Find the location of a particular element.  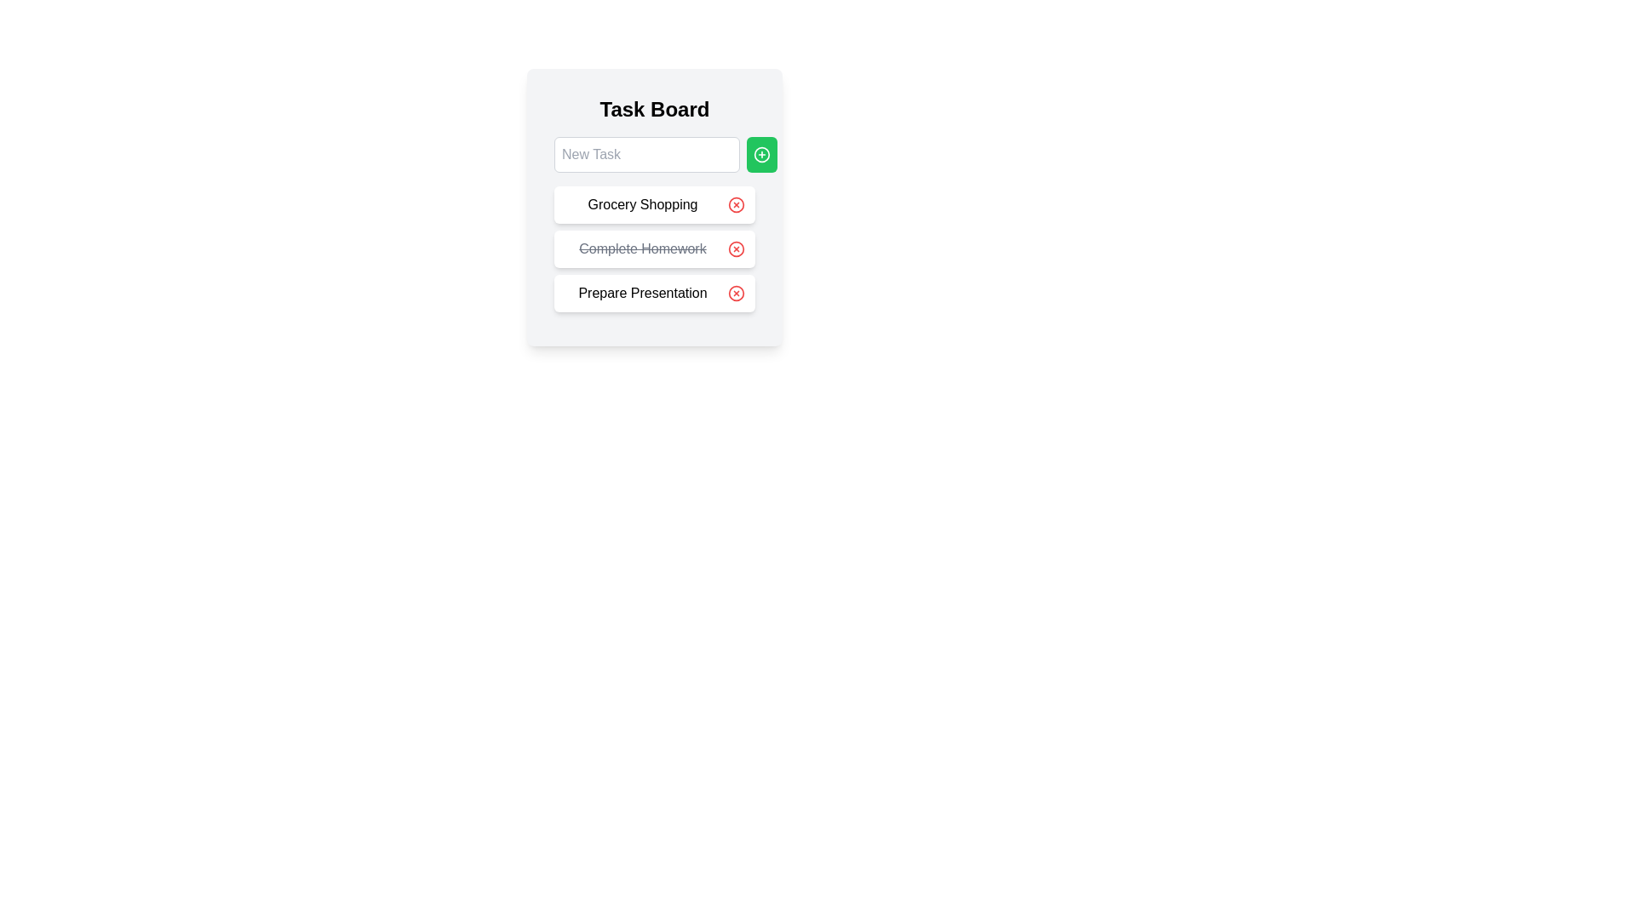

the 'Grocery Shopping' task item is located at coordinates (653, 203).